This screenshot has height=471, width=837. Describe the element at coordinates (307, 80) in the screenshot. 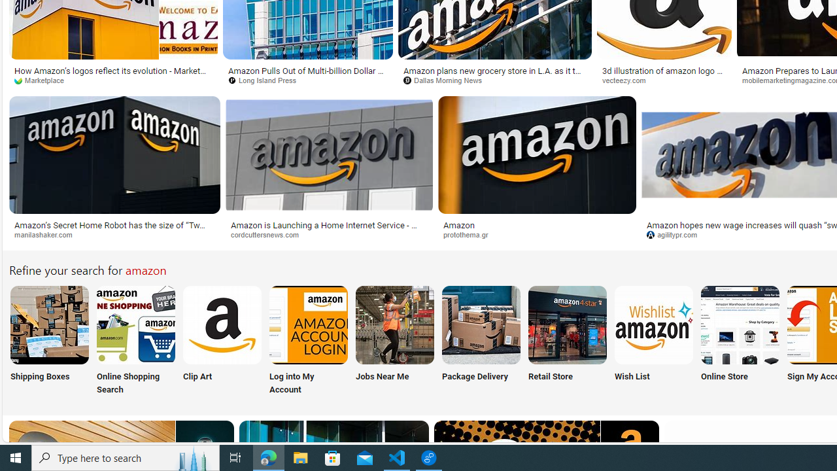

I see `'Long Island Press'` at that location.